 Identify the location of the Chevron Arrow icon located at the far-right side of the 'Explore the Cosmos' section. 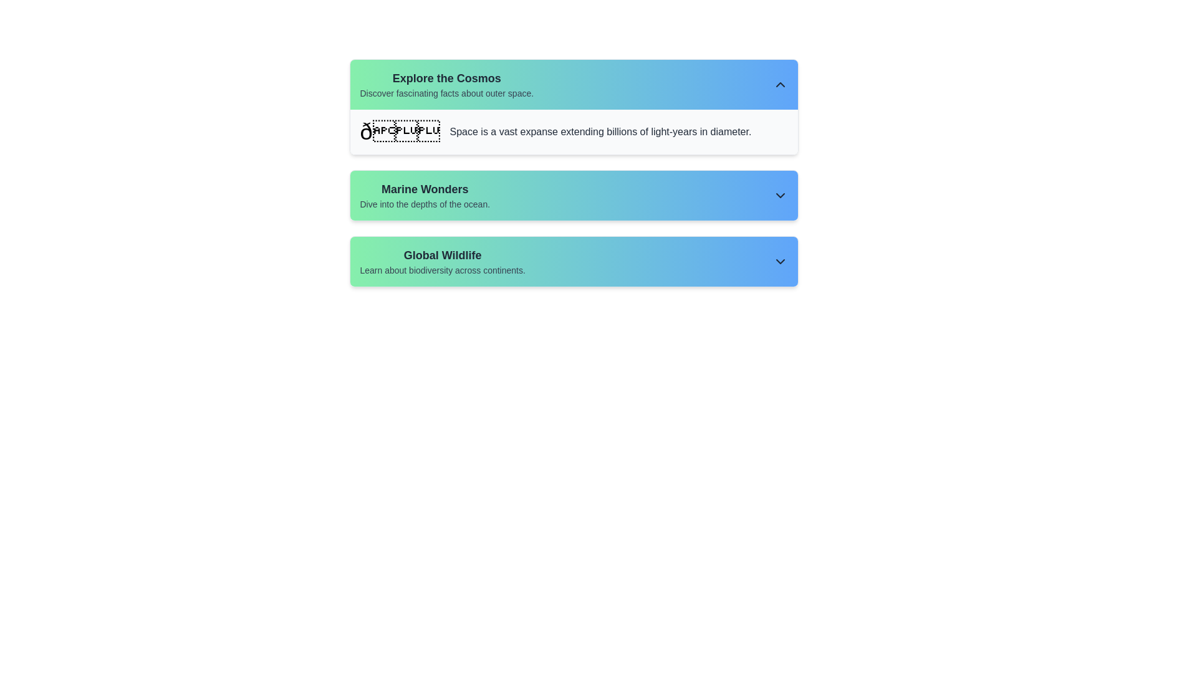
(779, 84).